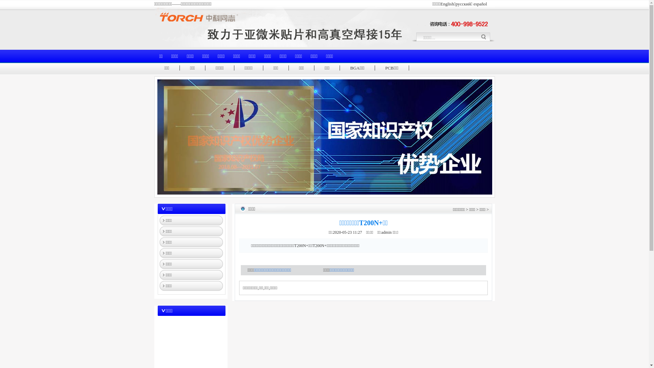 The height and width of the screenshot is (368, 654). Describe the element at coordinates (447, 4) in the screenshot. I see `'English'` at that location.